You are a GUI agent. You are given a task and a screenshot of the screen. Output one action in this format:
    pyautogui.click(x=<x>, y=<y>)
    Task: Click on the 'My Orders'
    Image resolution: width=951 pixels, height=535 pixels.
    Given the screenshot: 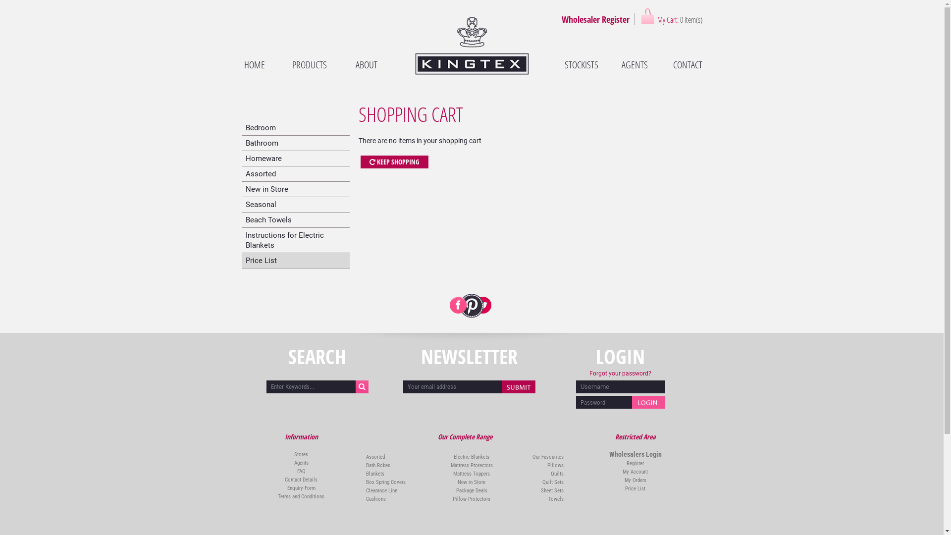 What is the action you would take?
    pyautogui.click(x=635, y=480)
    